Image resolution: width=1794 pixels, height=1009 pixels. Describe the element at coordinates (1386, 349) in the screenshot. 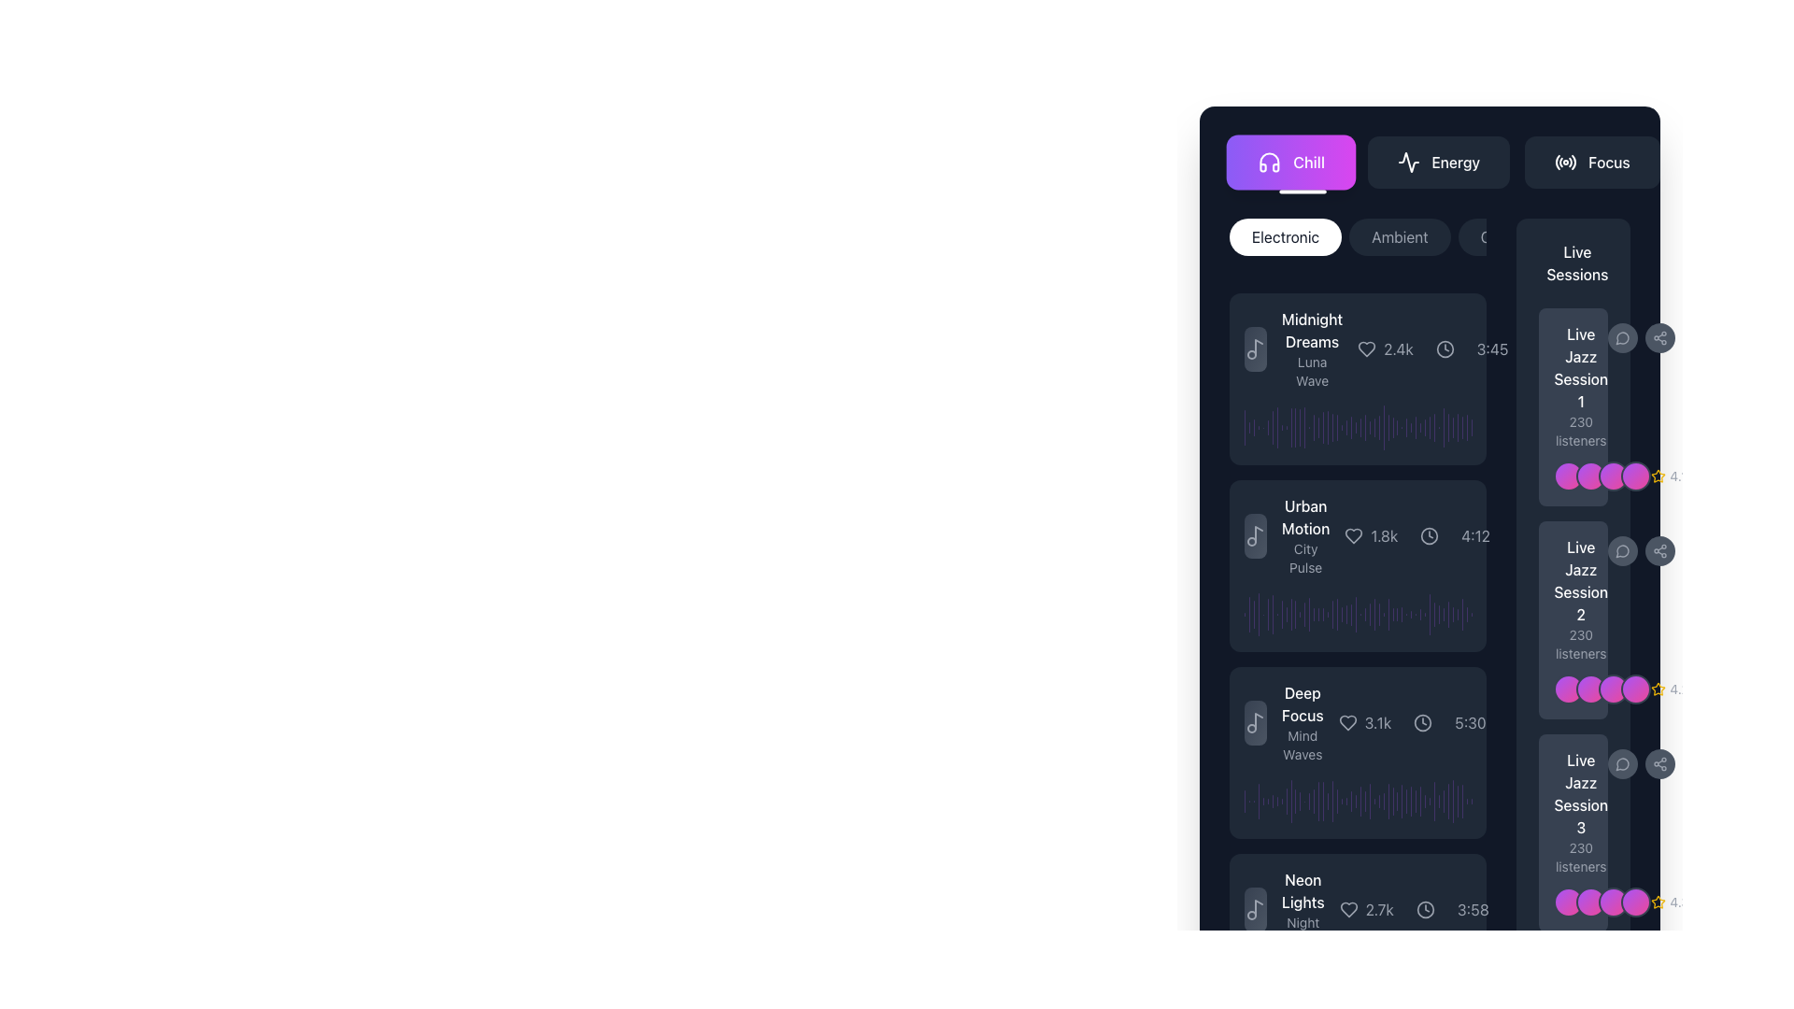

I see `the text label component displaying '2.4k', which is located to the right of the heart icon and represents a count associated with it` at that location.